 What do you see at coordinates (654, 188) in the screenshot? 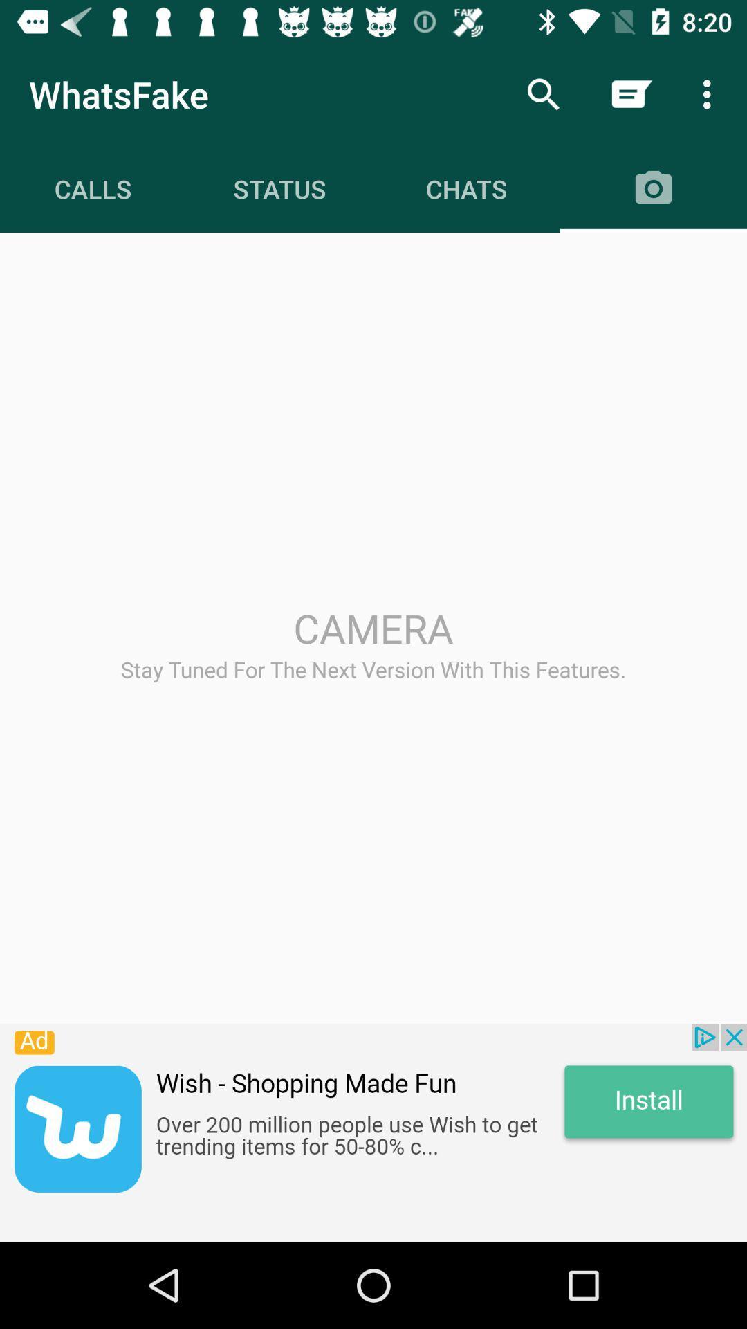
I see `the camera button in the menu bar` at bounding box center [654, 188].